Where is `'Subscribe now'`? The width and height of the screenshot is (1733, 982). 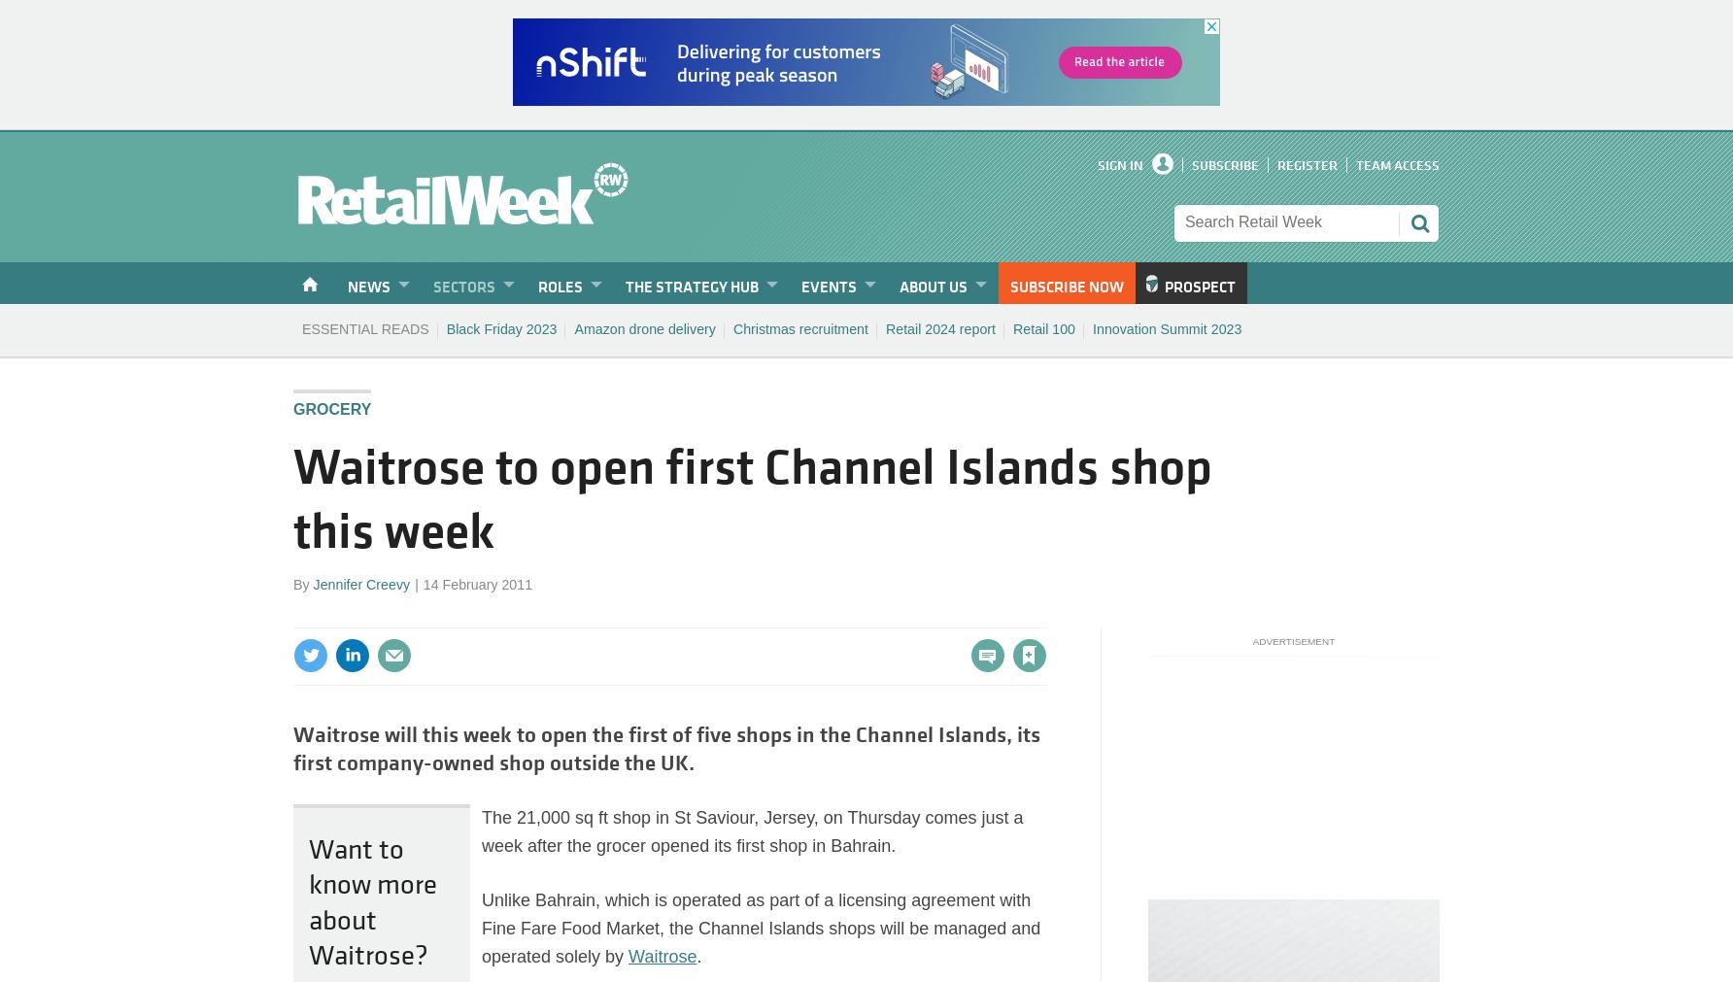 'Subscribe now' is located at coordinates (1066, 287).